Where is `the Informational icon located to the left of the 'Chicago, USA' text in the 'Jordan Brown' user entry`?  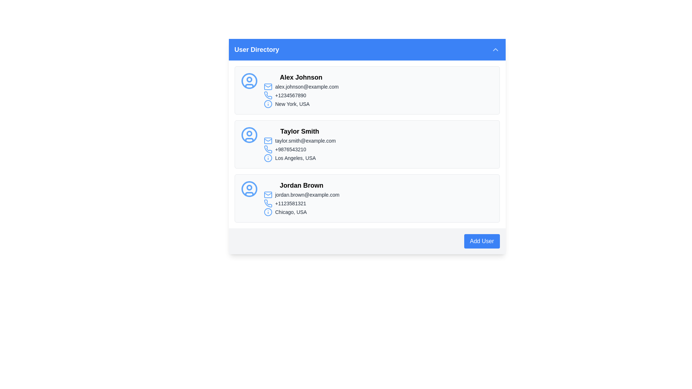
the Informational icon located to the left of the 'Chicago, USA' text in the 'Jordan Brown' user entry is located at coordinates (267, 212).